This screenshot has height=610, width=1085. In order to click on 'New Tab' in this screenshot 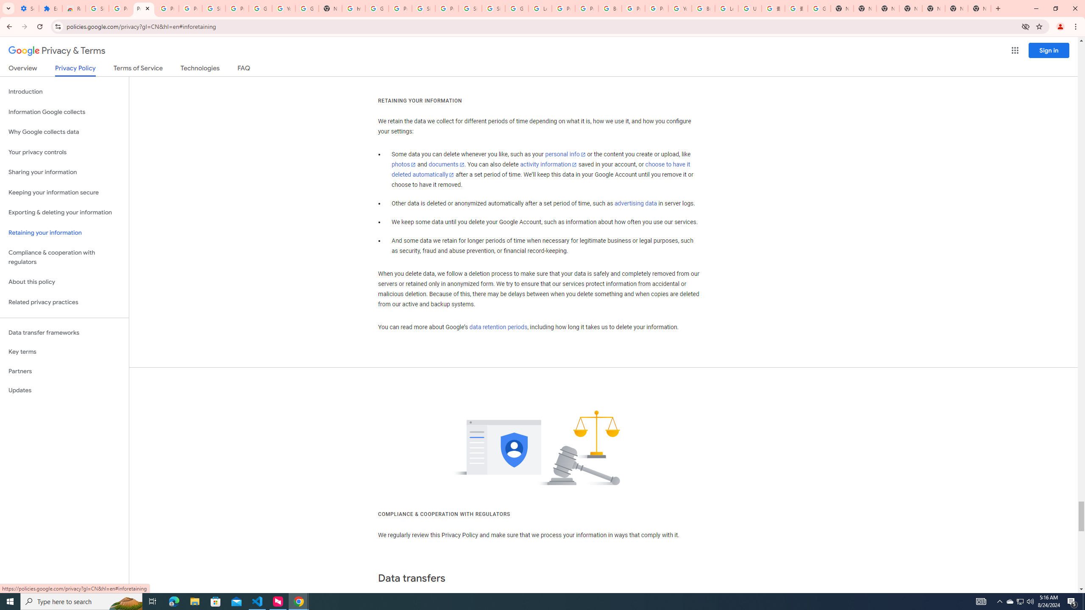, I will do `click(979, 8)`.